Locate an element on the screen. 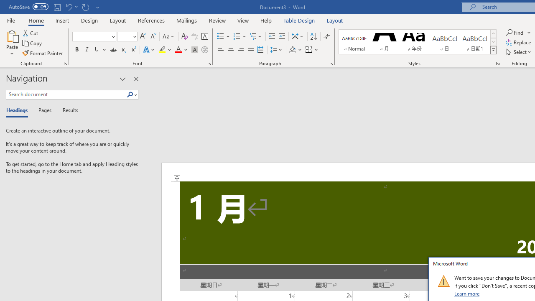  'Decrease Indent' is located at coordinates (272, 36).